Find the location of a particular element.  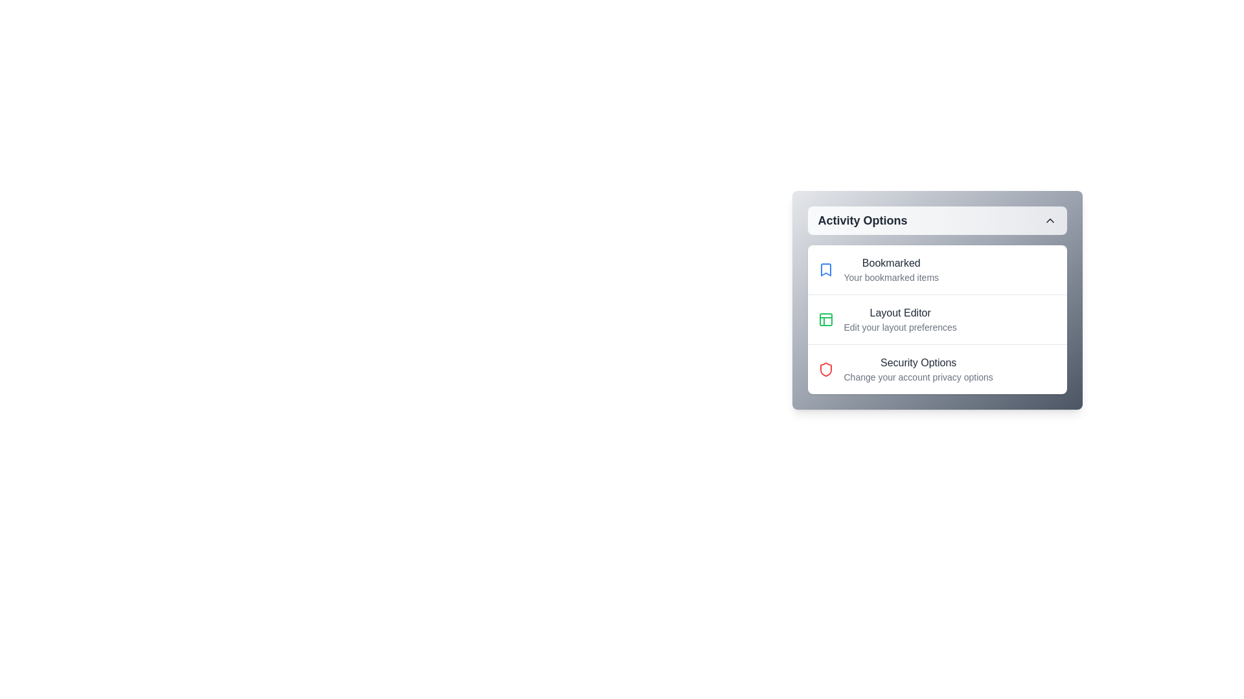

the contextual information text related to security settings located beneath the 'Security Options' title in the 'Activity Options' section is located at coordinates (917, 377).